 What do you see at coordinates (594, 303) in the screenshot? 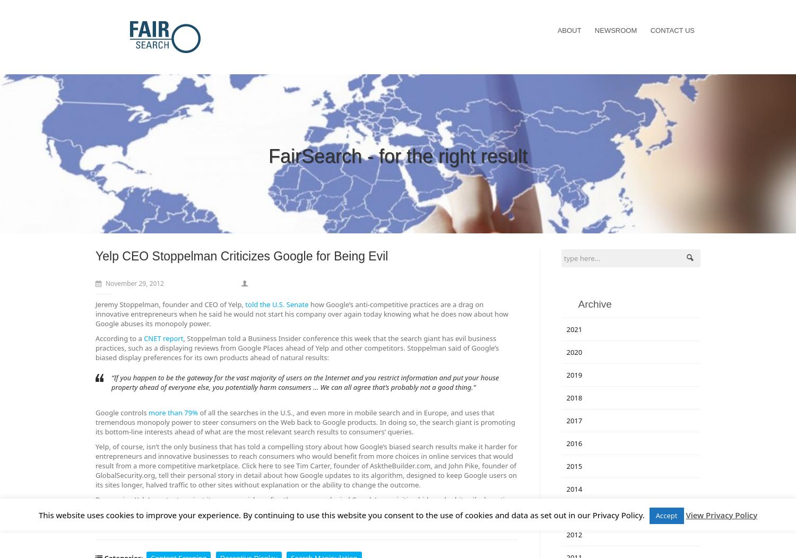
I see `'Archive'` at bounding box center [594, 303].